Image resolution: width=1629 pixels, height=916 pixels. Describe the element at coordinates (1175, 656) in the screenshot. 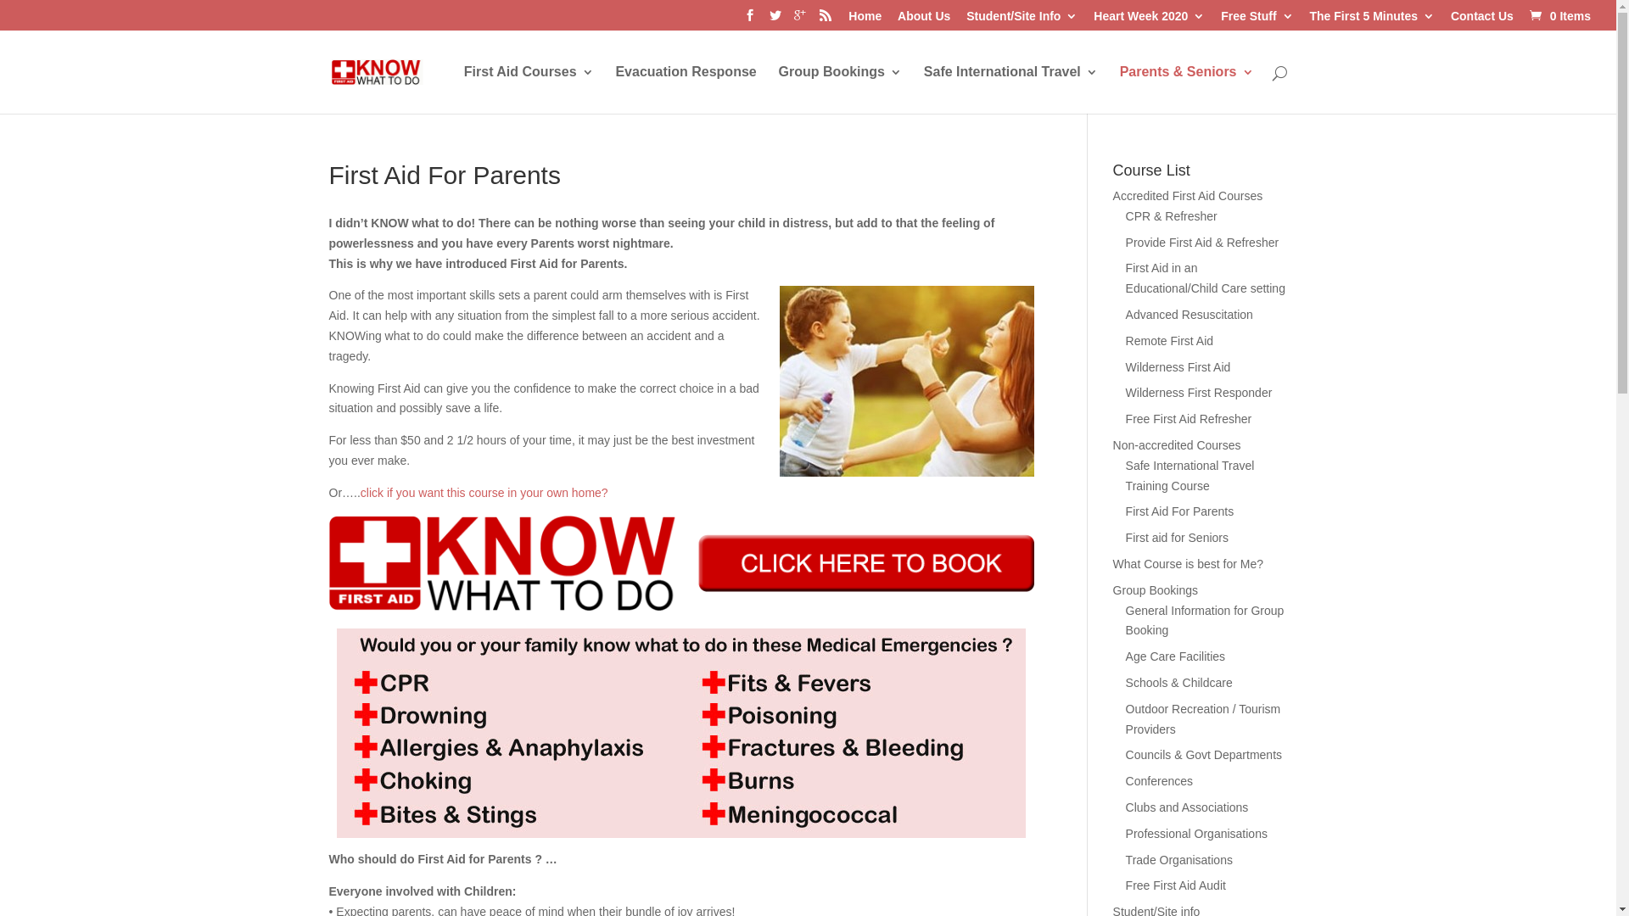

I see `'Age Care Facilities'` at that location.